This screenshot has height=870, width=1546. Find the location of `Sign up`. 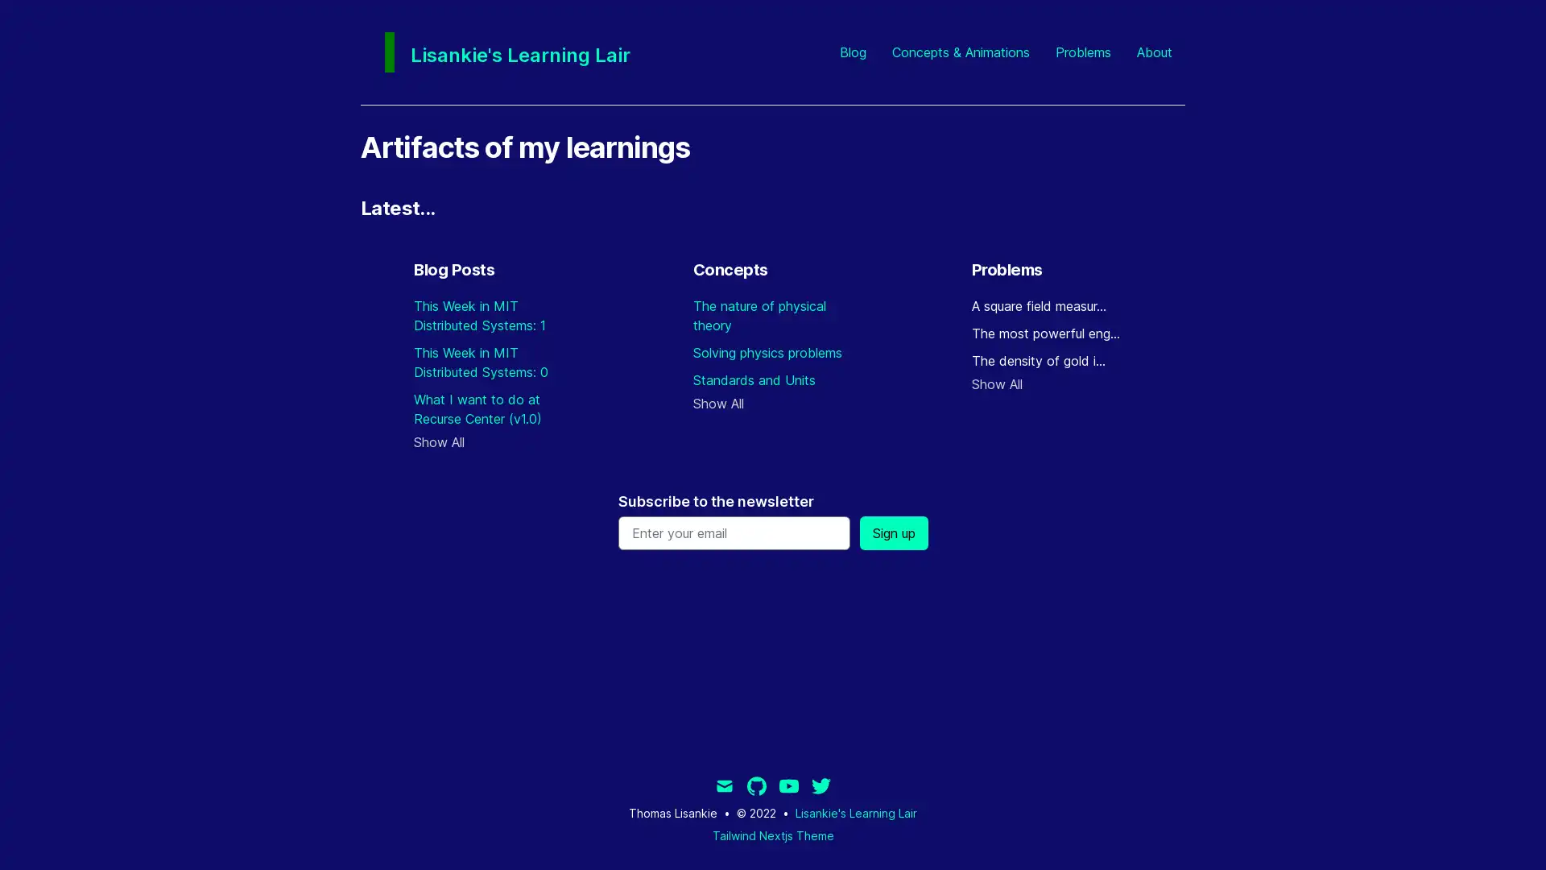

Sign up is located at coordinates (892, 533).